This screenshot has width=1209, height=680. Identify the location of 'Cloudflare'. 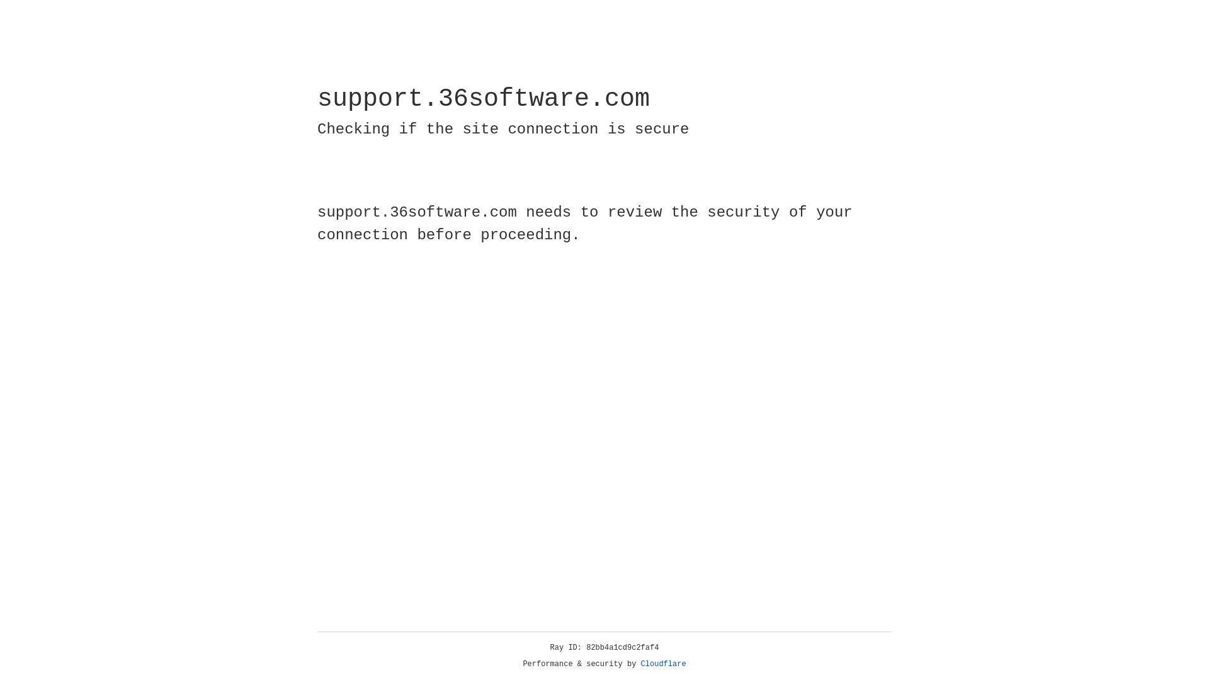
(663, 664).